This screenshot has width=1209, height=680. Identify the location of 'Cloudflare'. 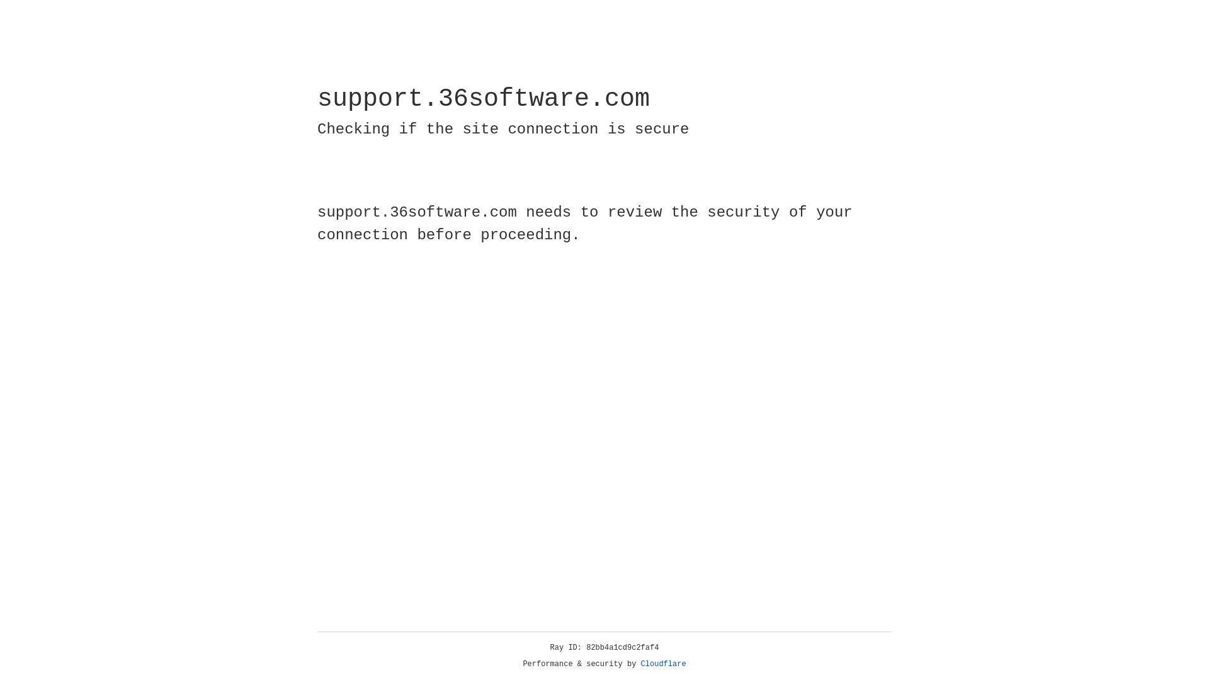
(663, 664).